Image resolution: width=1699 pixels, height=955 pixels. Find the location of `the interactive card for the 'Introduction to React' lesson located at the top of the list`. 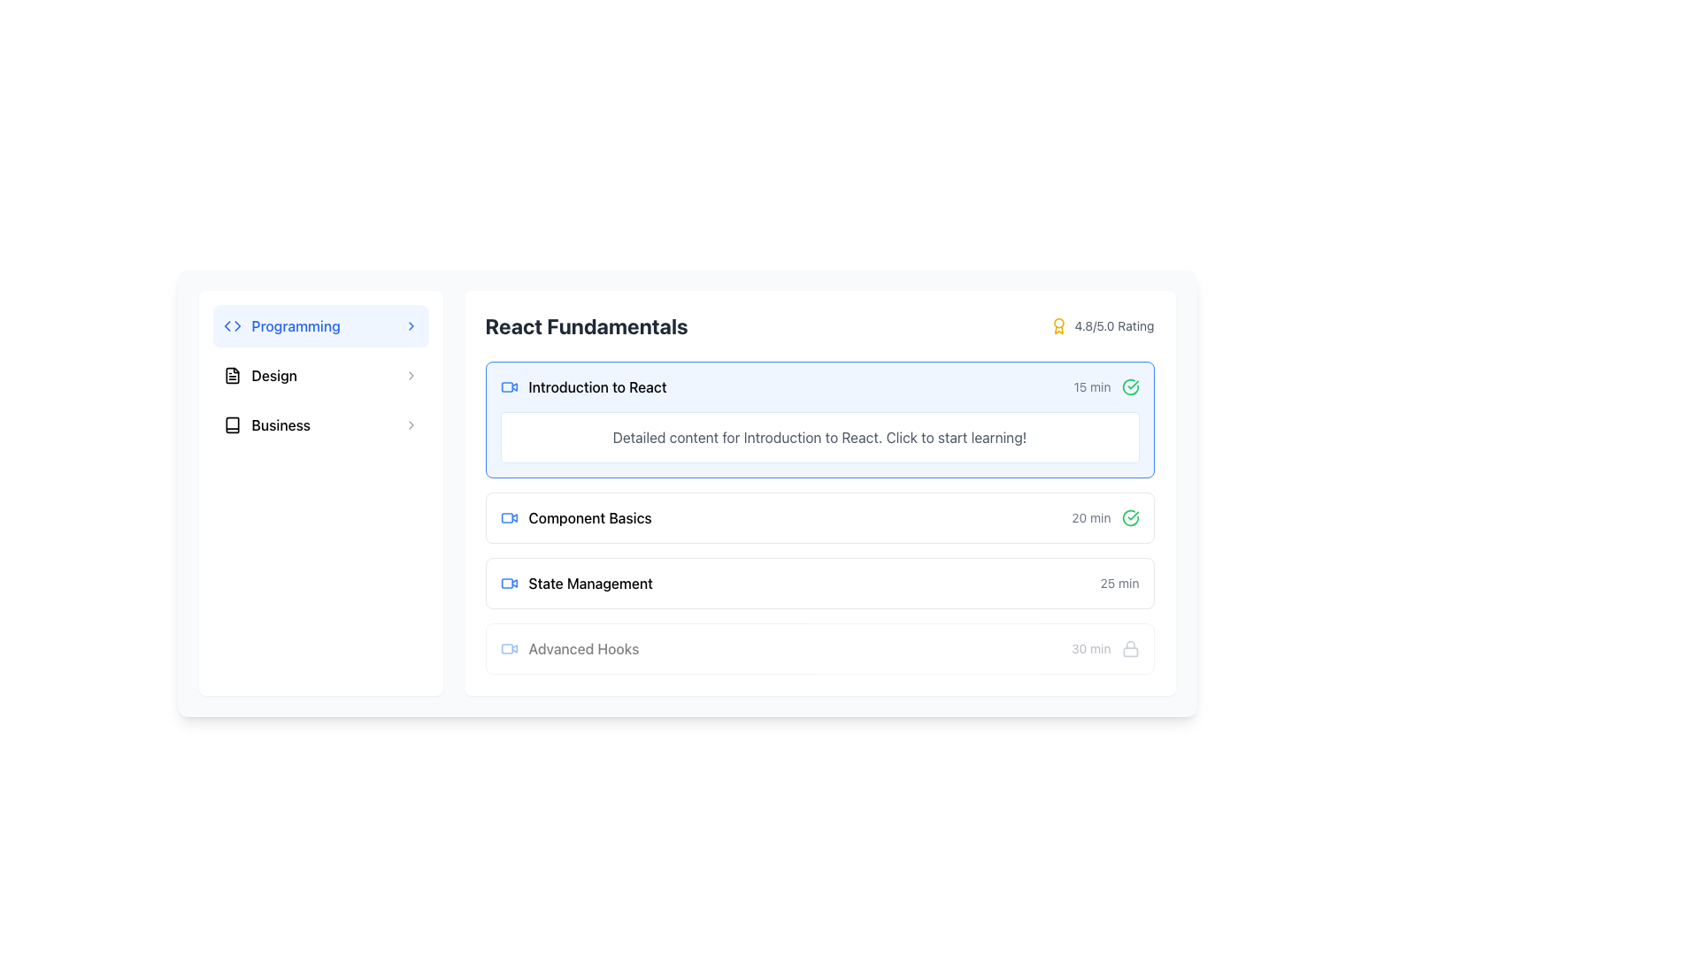

the interactive card for the 'Introduction to React' lesson located at the top of the list is located at coordinates (819, 419).